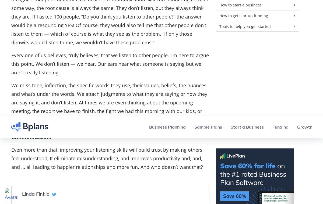 The width and height of the screenshot is (323, 204). I want to click on 'Build a Better Business Plan.', so click(33, 42).